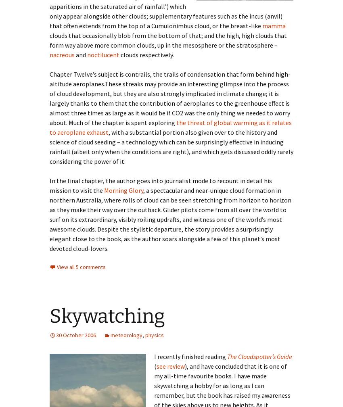 This screenshot has height=407, width=343. What do you see at coordinates (56, 335) in the screenshot?
I see `'30 October 2006'` at bounding box center [56, 335].